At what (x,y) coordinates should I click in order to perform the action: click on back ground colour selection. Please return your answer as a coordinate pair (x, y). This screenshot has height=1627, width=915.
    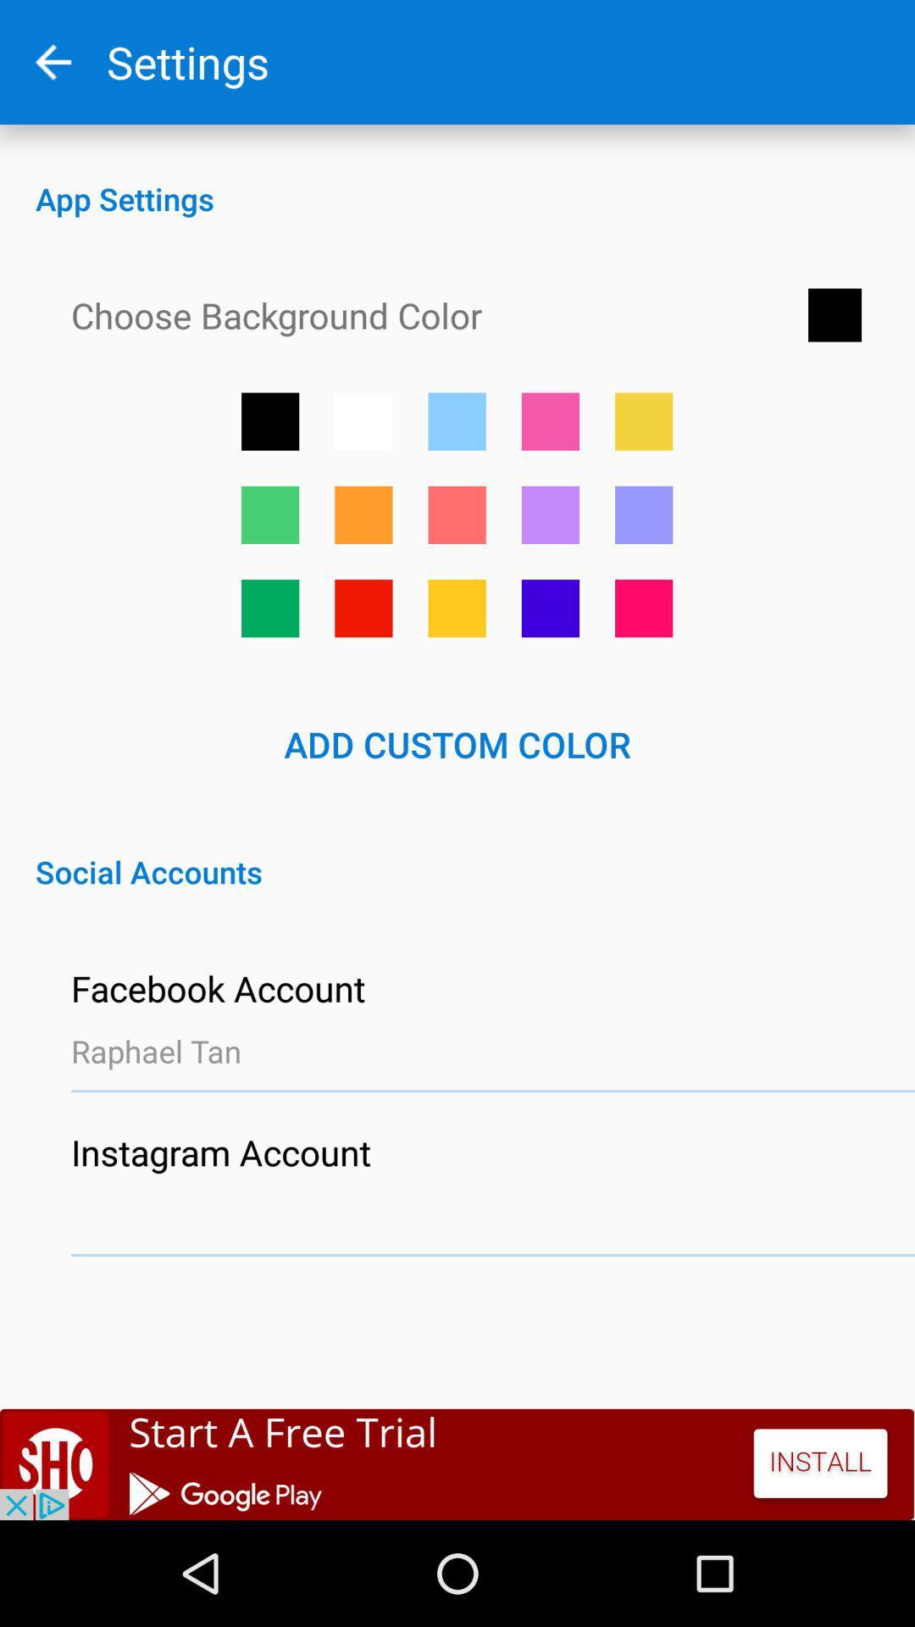
    Looking at the image, I should click on (644, 514).